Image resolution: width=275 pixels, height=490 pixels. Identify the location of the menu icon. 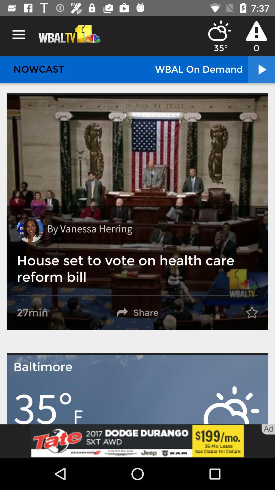
(18, 34).